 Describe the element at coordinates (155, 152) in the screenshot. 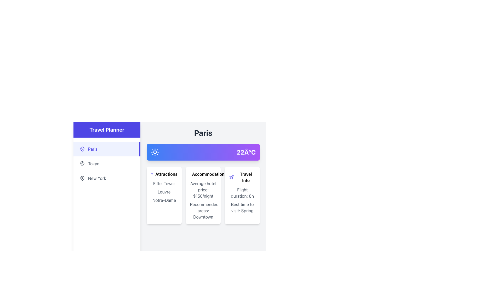

I see `the sunny weather icon located in the top center of the section, to the left of the '22°C' text, for a quick visual cue about the current weather conditions` at that location.